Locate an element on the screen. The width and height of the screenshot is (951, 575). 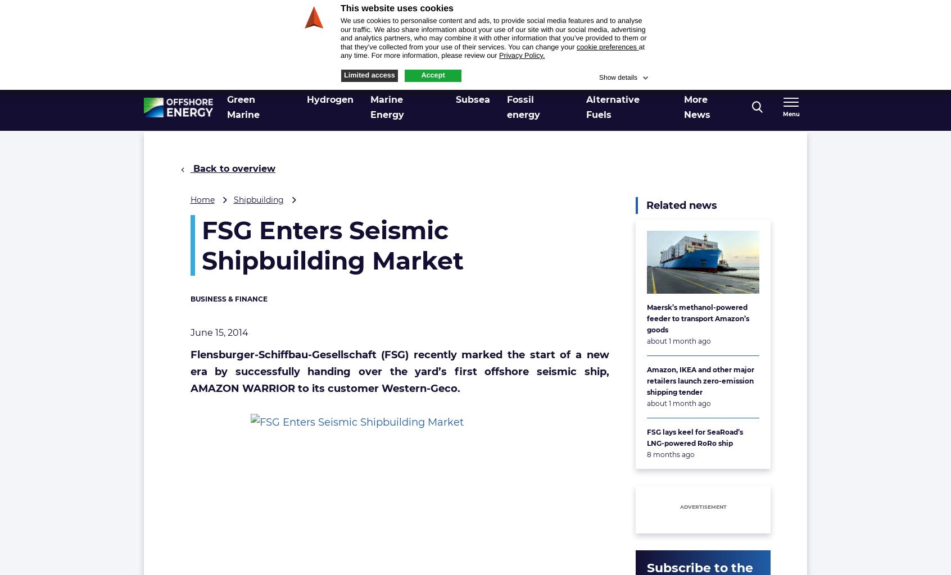
'OEEC 2023' is located at coordinates (713, 72).